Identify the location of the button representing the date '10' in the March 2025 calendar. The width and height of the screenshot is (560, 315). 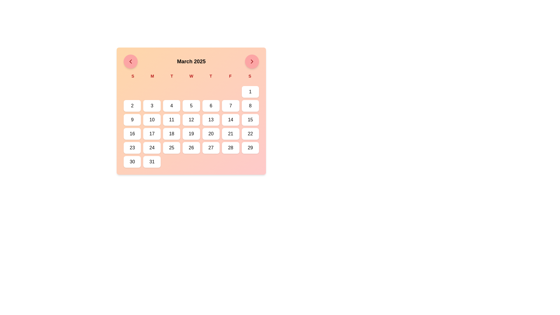
(152, 120).